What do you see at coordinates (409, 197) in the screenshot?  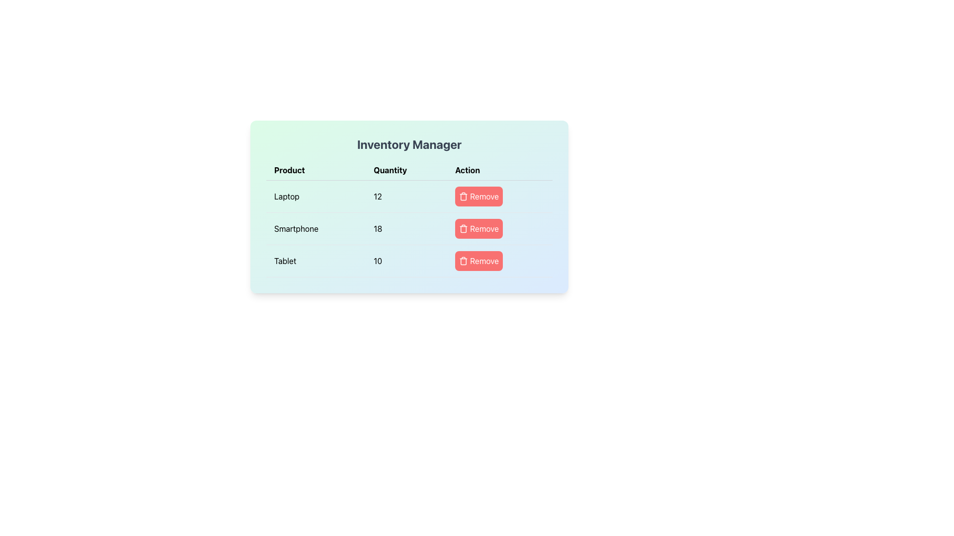 I see `the quantity of the inventory item 'Laptop' displayed in the first row of the table` at bounding box center [409, 197].